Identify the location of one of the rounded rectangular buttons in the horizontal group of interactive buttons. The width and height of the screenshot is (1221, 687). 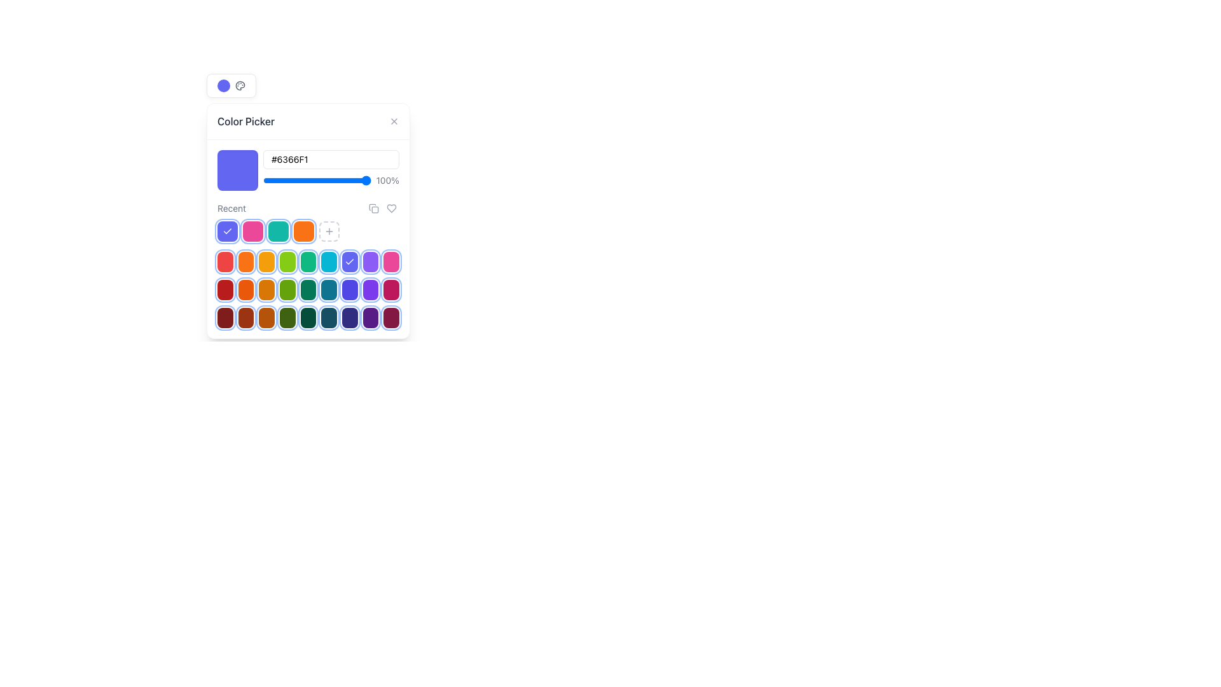
(308, 317).